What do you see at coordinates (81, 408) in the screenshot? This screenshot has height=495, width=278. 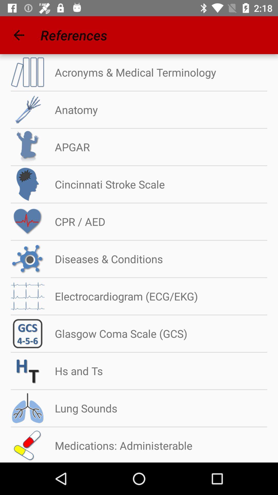 I see `the lung sounds` at bounding box center [81, 408].